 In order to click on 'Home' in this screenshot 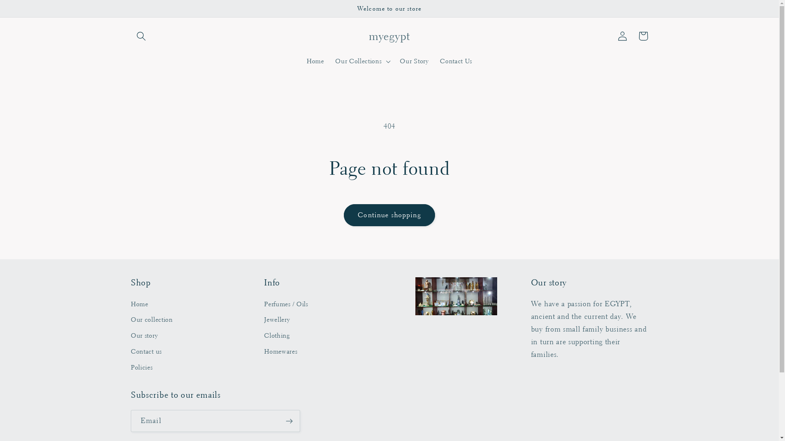, I will do `click(139, 305)`.